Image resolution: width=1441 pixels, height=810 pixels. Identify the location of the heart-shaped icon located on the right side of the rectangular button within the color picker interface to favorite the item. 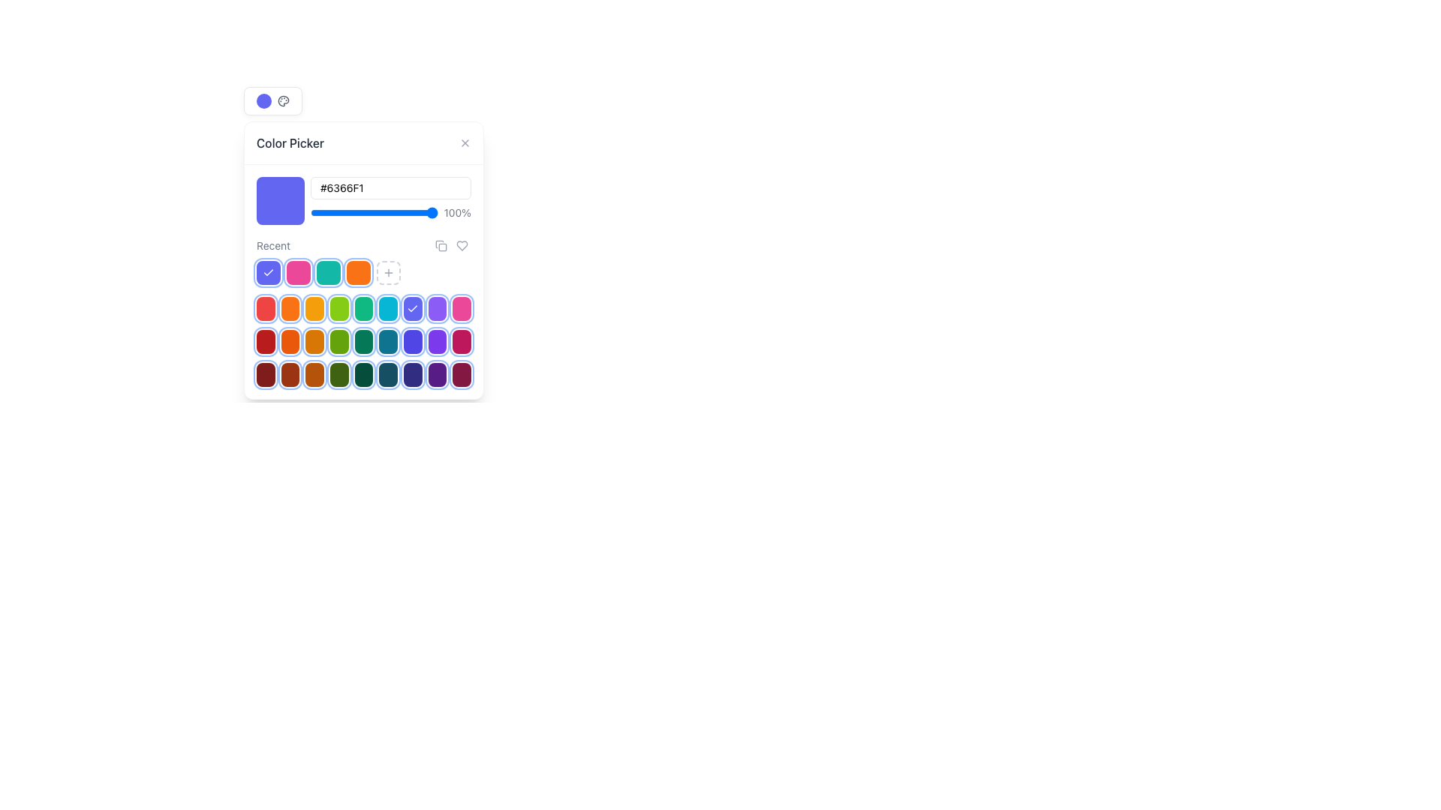
(461, 244).